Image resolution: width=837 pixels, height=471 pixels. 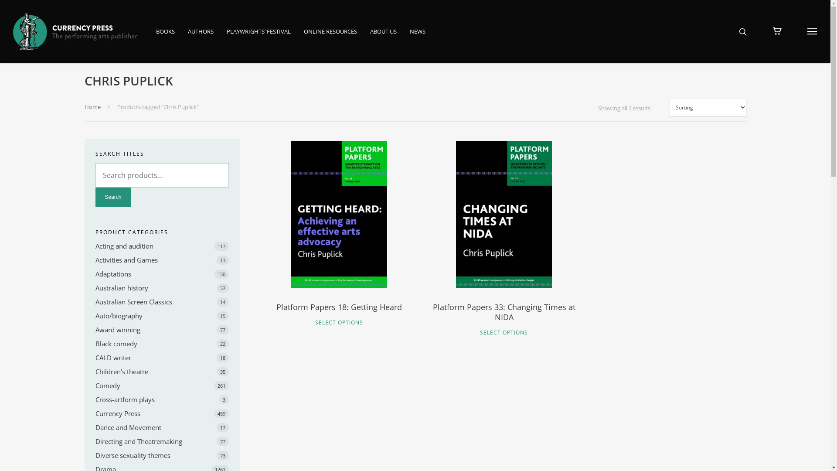 I want to click on 'Platform Papers 33: Changing Times at NIDA', so click(x=504, y=317).